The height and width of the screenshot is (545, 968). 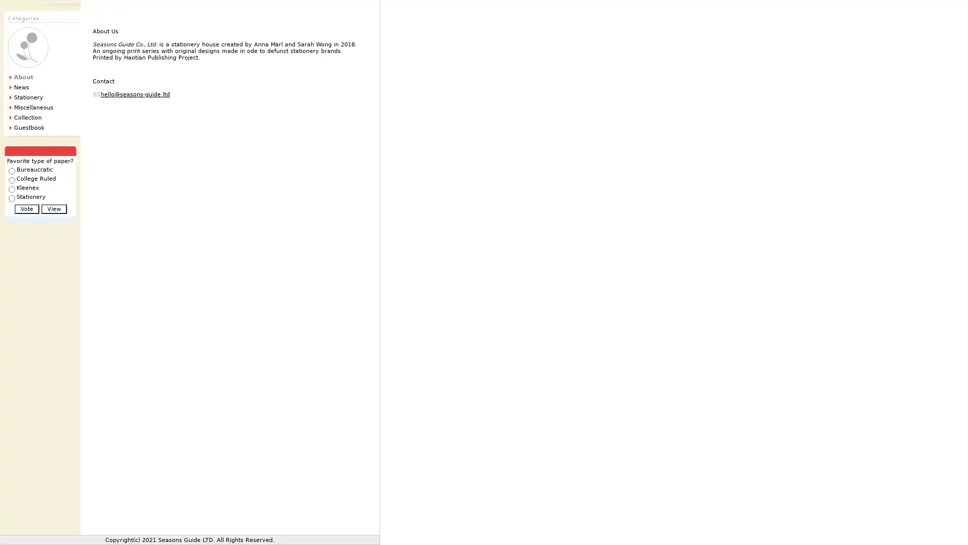 What do you see at coordinates (53, 208) in the screenshot?
I see `View` at bounding box center [53, 208].